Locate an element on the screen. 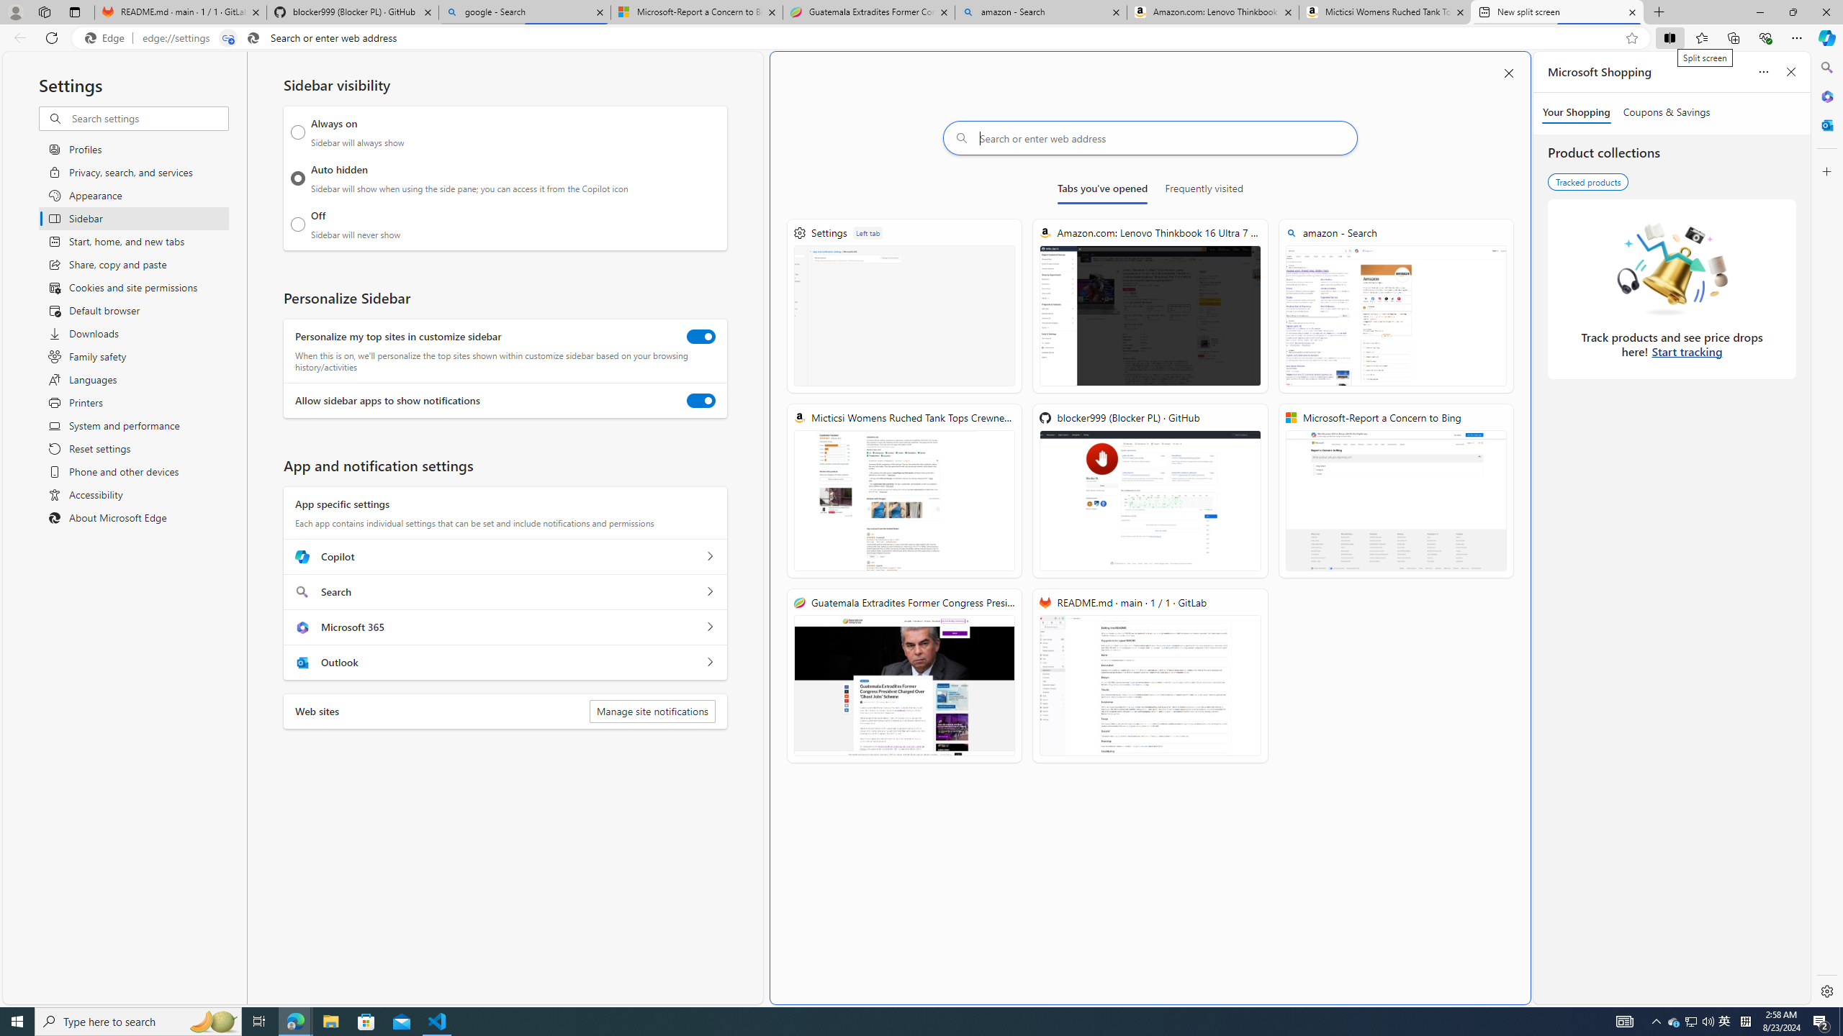 This screenshot has height=1036, width=1843. 'New Tab' is located at coordinates (1659, 12).